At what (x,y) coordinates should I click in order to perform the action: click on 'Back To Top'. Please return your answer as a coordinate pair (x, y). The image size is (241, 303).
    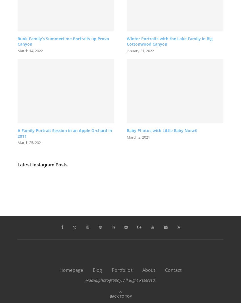
    Looking at the image, I should click on (120, 296).